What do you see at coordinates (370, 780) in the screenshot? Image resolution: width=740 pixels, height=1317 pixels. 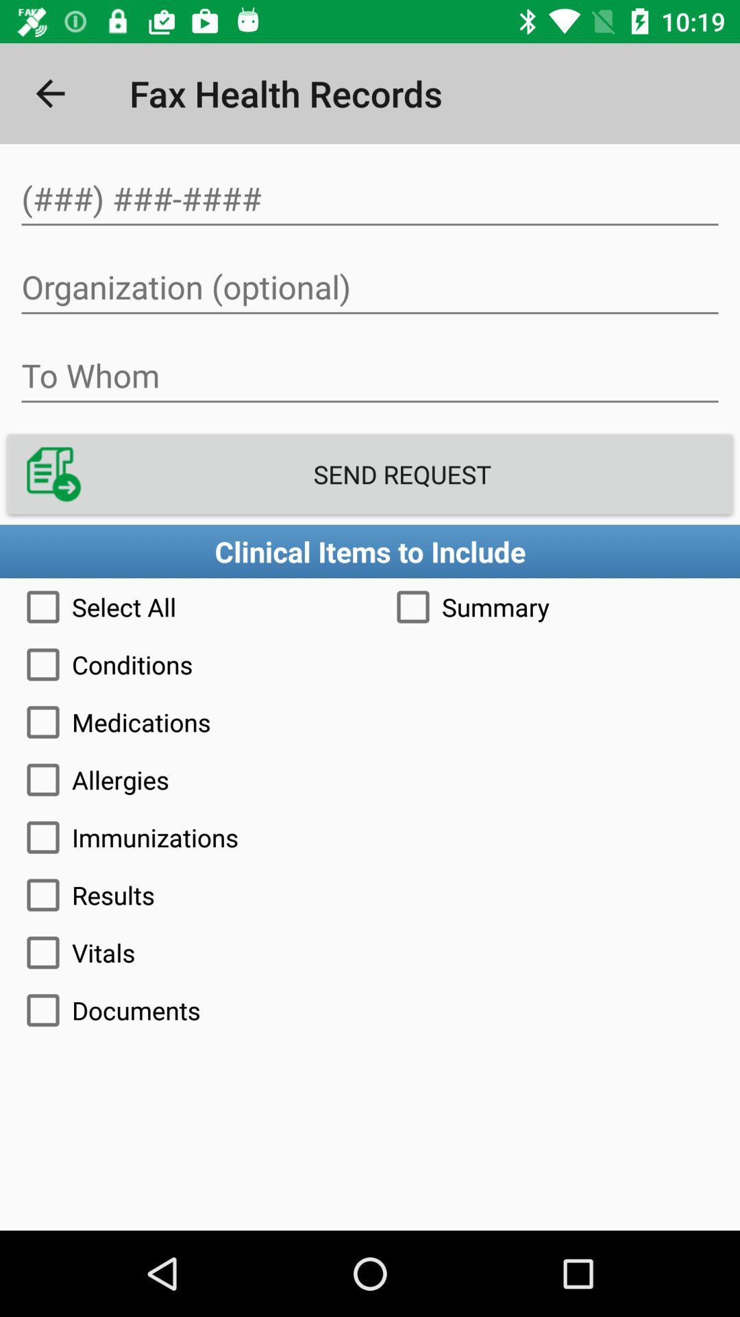 I see `allergies icon` at bounding box center [370, 780].